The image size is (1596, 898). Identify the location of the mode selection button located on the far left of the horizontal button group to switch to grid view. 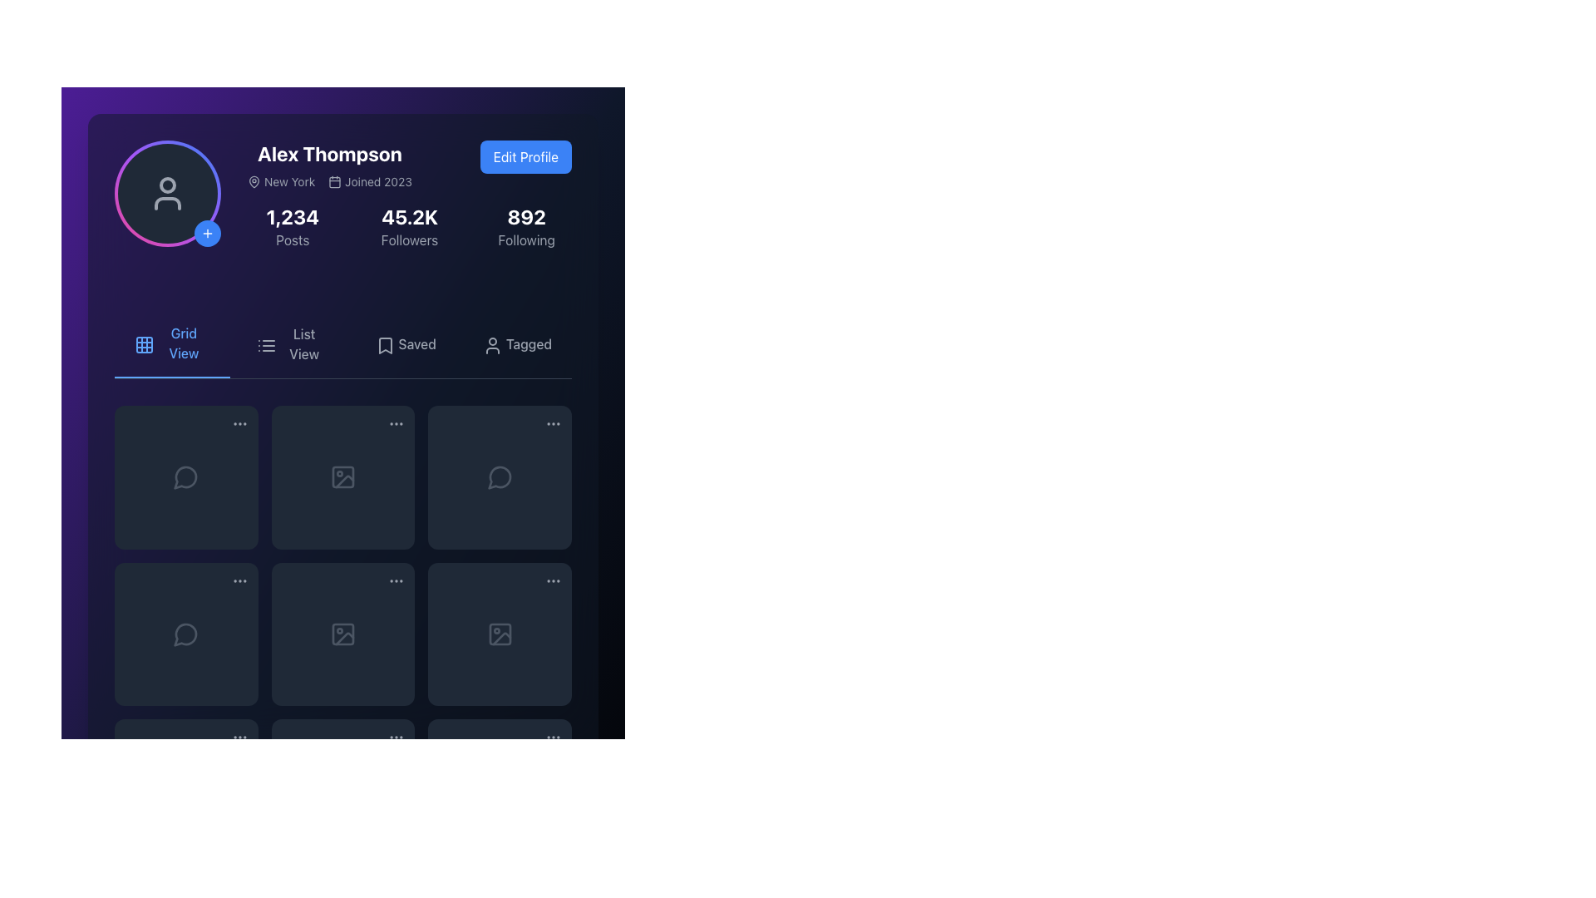
(172, 343).